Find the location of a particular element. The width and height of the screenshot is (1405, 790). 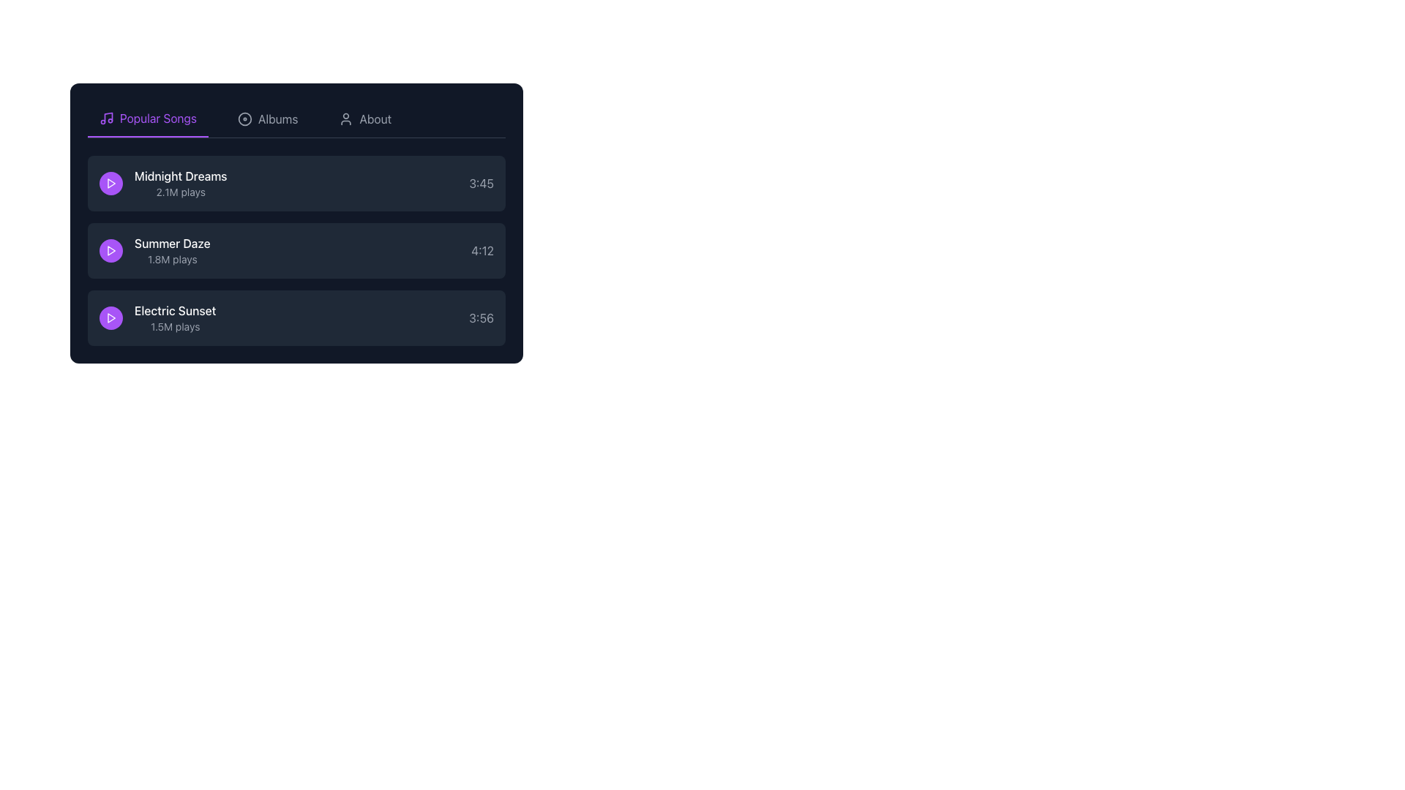

the 'Popular Songs' interactive navigation tab, which features a bold purple label and a matching music note icon is located at coordinates (148, 118).